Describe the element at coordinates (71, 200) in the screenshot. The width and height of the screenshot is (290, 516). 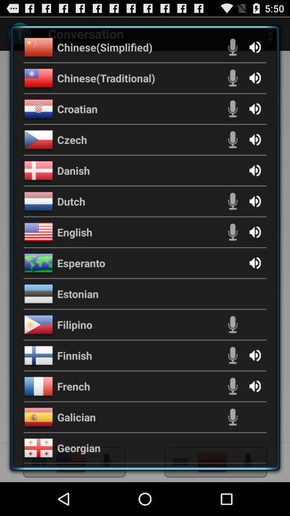
I see `app above english item` at that location.